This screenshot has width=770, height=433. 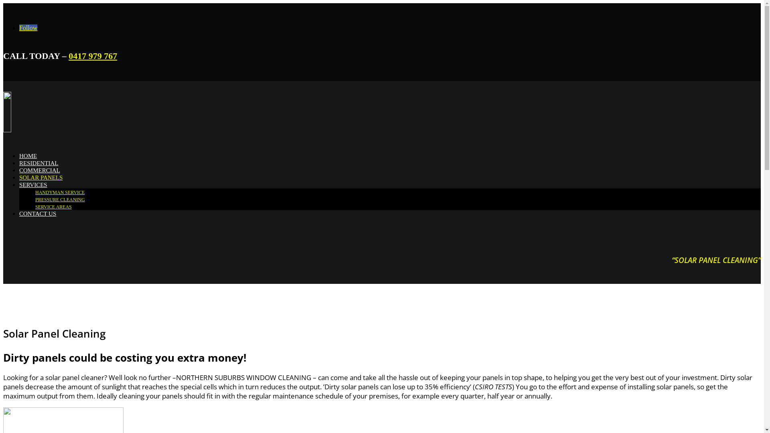 What do you see at coordinates (40, 177) in the screenshot?
I see `'SOLAR PANELS'` at bounding box center [40, 177].